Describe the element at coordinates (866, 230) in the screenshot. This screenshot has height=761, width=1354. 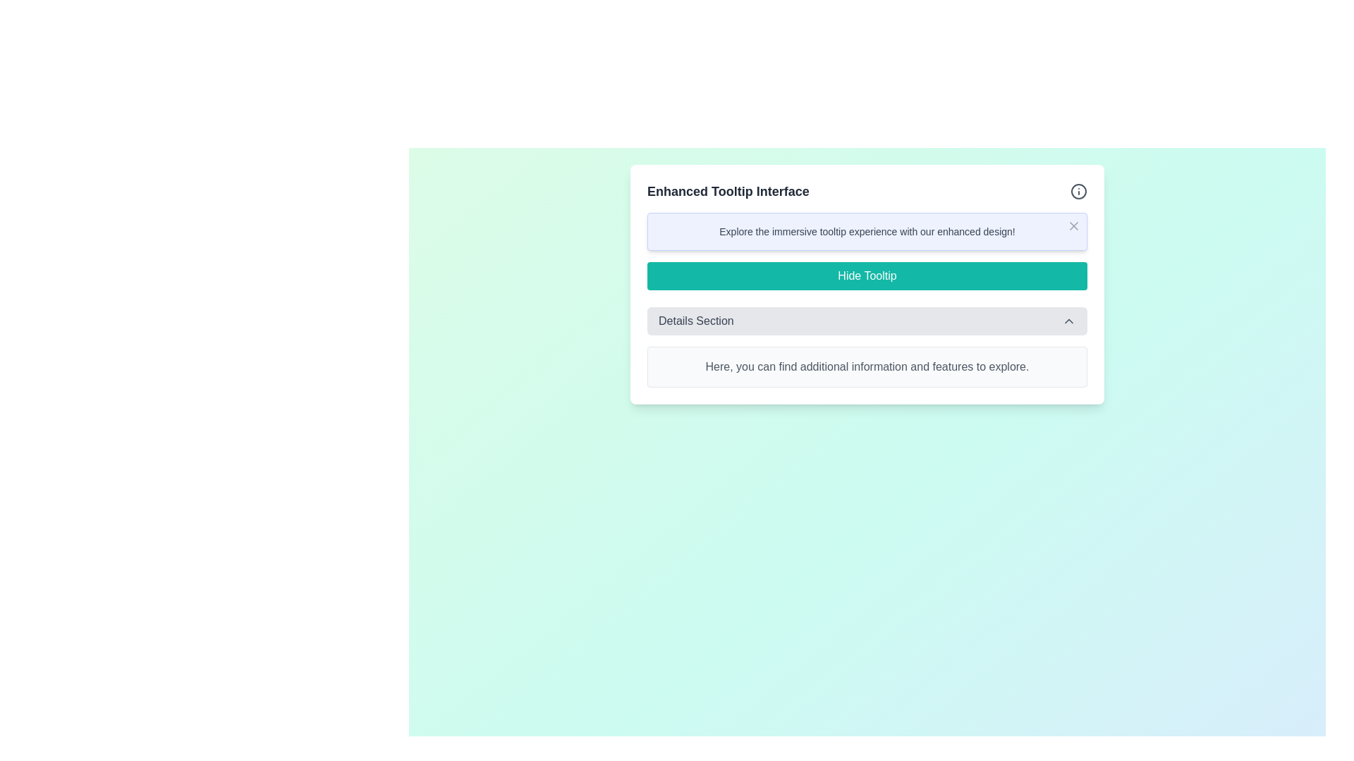
I see `the static text element that reads 'Explore the immersive tooltip experience with our enhanced design!' which is styled in small gray font and located within an indigo background box` at that location.